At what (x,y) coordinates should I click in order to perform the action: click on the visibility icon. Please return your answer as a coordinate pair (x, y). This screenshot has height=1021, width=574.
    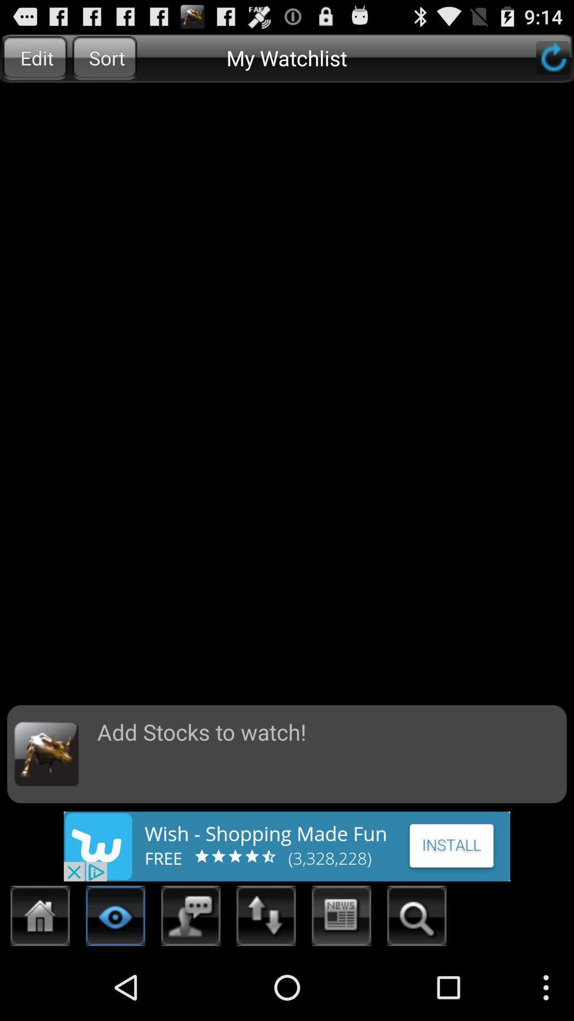
    Looking at the image, I should click on (115, 983).